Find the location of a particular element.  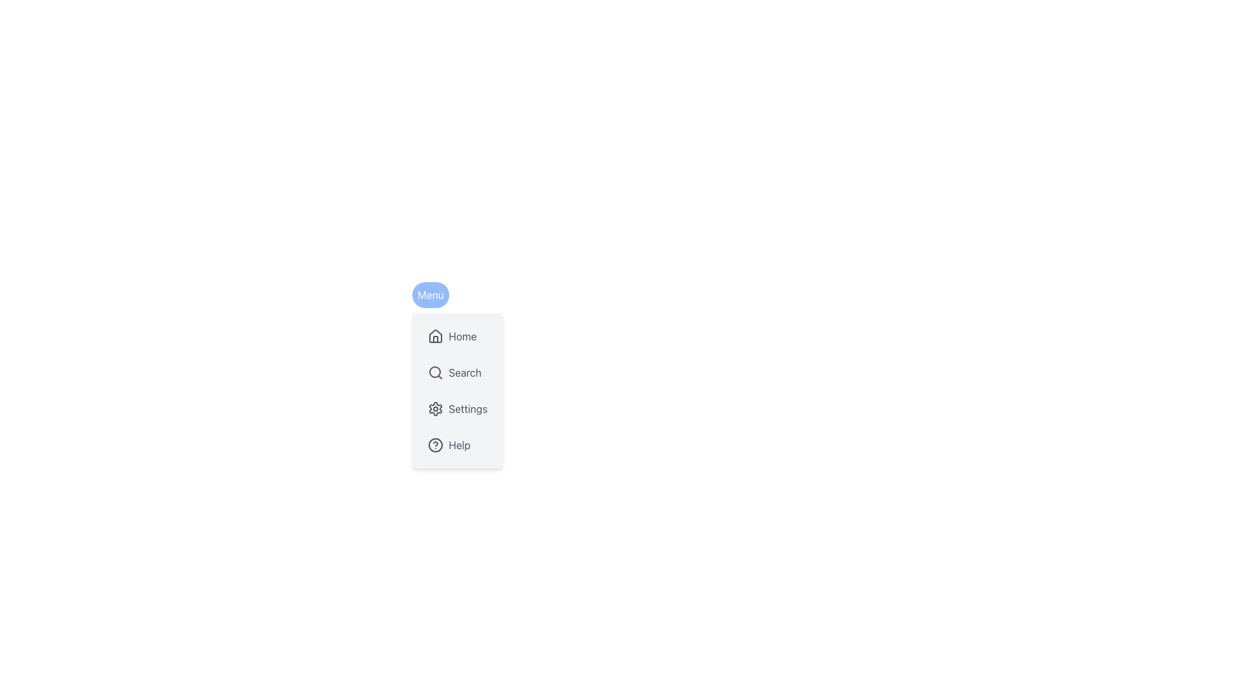

the 'Home' button, which features a house icon and is the first item in the vertical list under the 'Menu' is located at coordinates (458, 335).